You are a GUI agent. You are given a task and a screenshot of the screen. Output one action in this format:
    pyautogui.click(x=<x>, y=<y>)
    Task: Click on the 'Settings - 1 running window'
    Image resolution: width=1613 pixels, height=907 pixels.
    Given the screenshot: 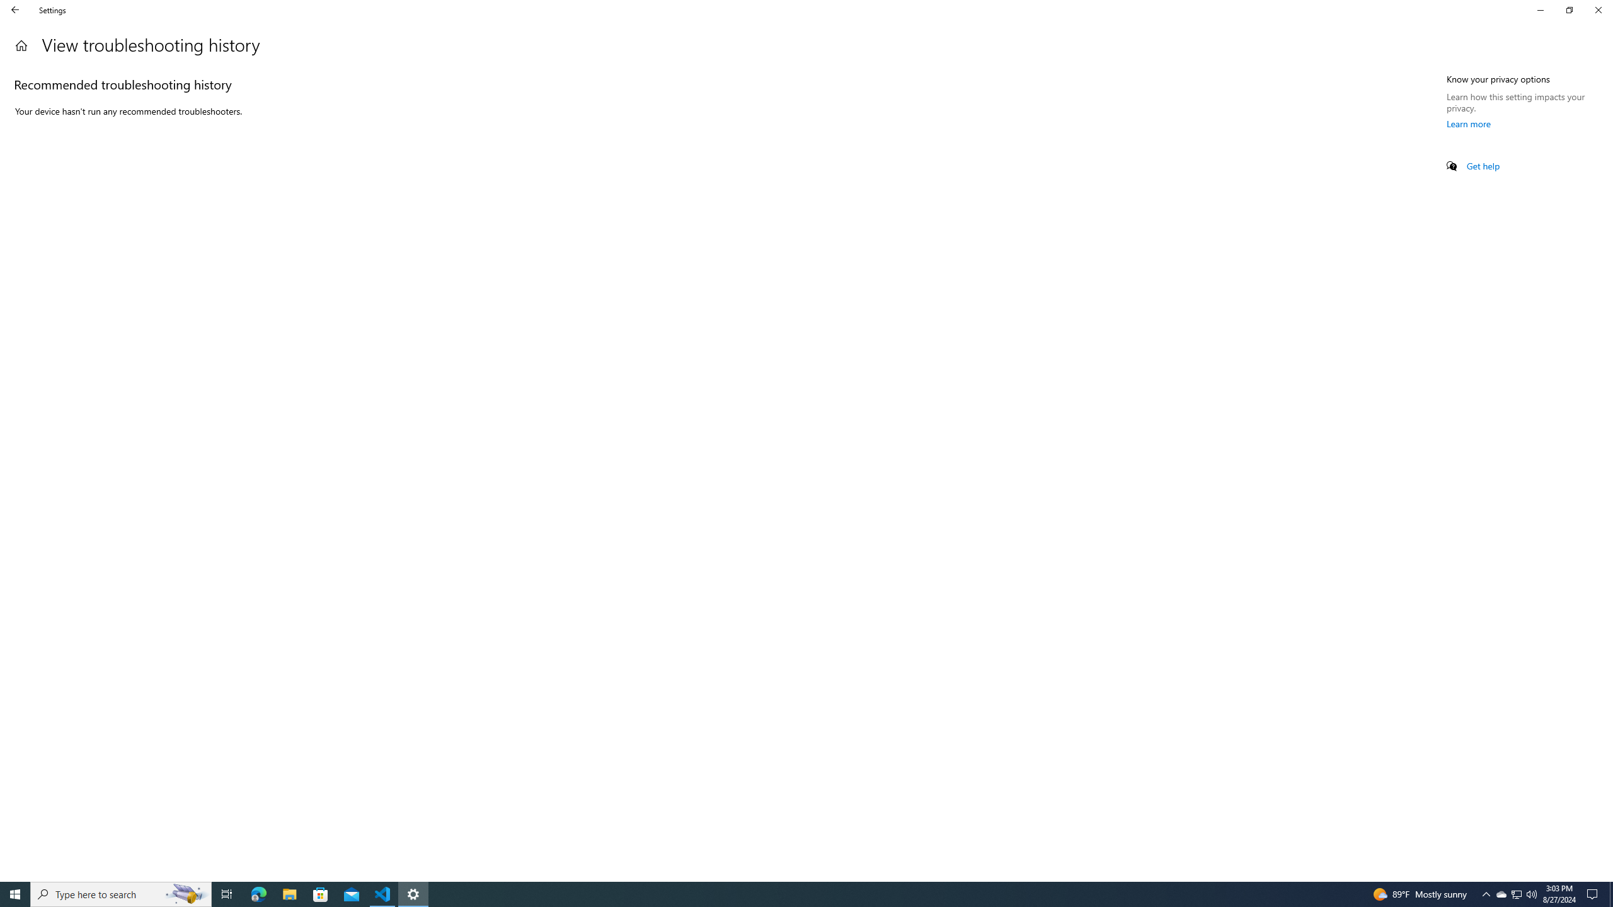 What is the action you would take?
    pyautogui.click(x=413, y=893)
    